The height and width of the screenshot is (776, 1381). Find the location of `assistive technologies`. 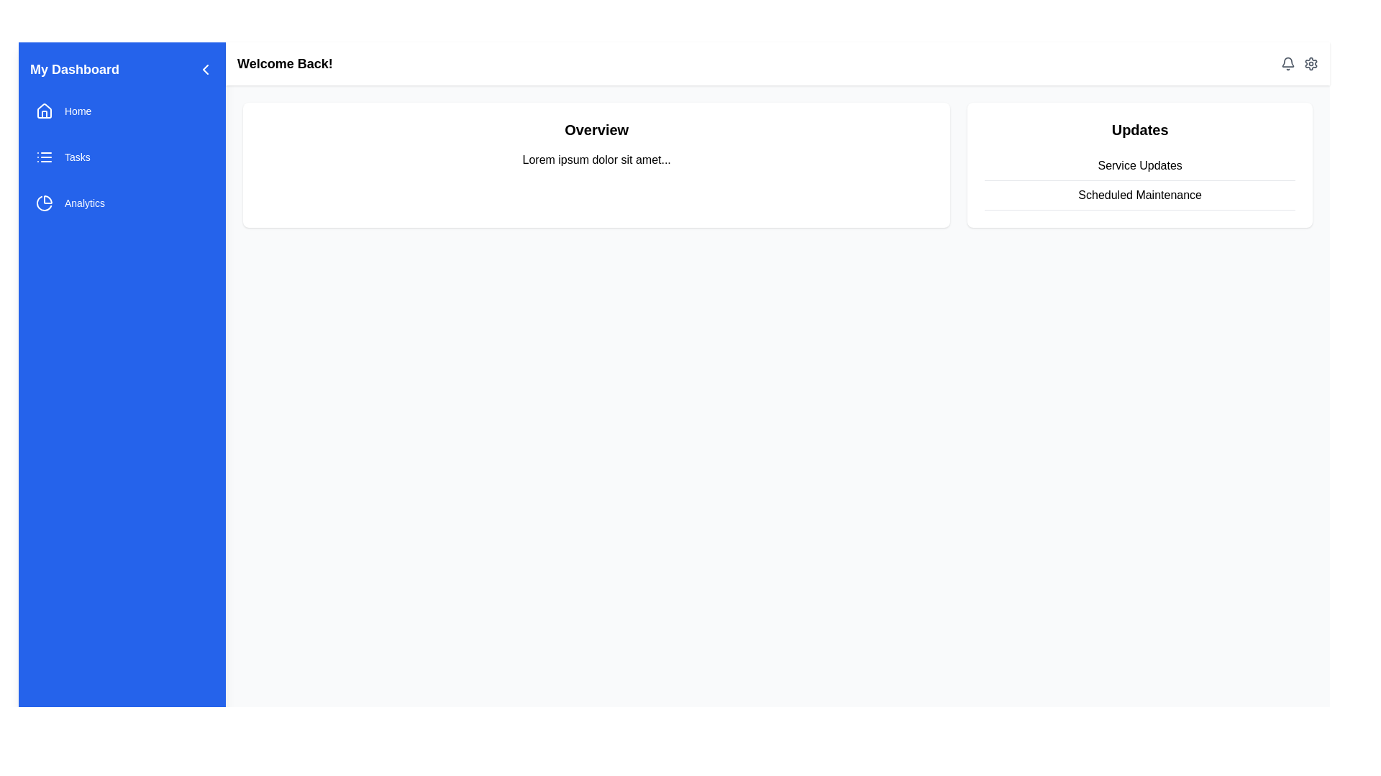

assistive technologies is located at coordinates (1139, 165).